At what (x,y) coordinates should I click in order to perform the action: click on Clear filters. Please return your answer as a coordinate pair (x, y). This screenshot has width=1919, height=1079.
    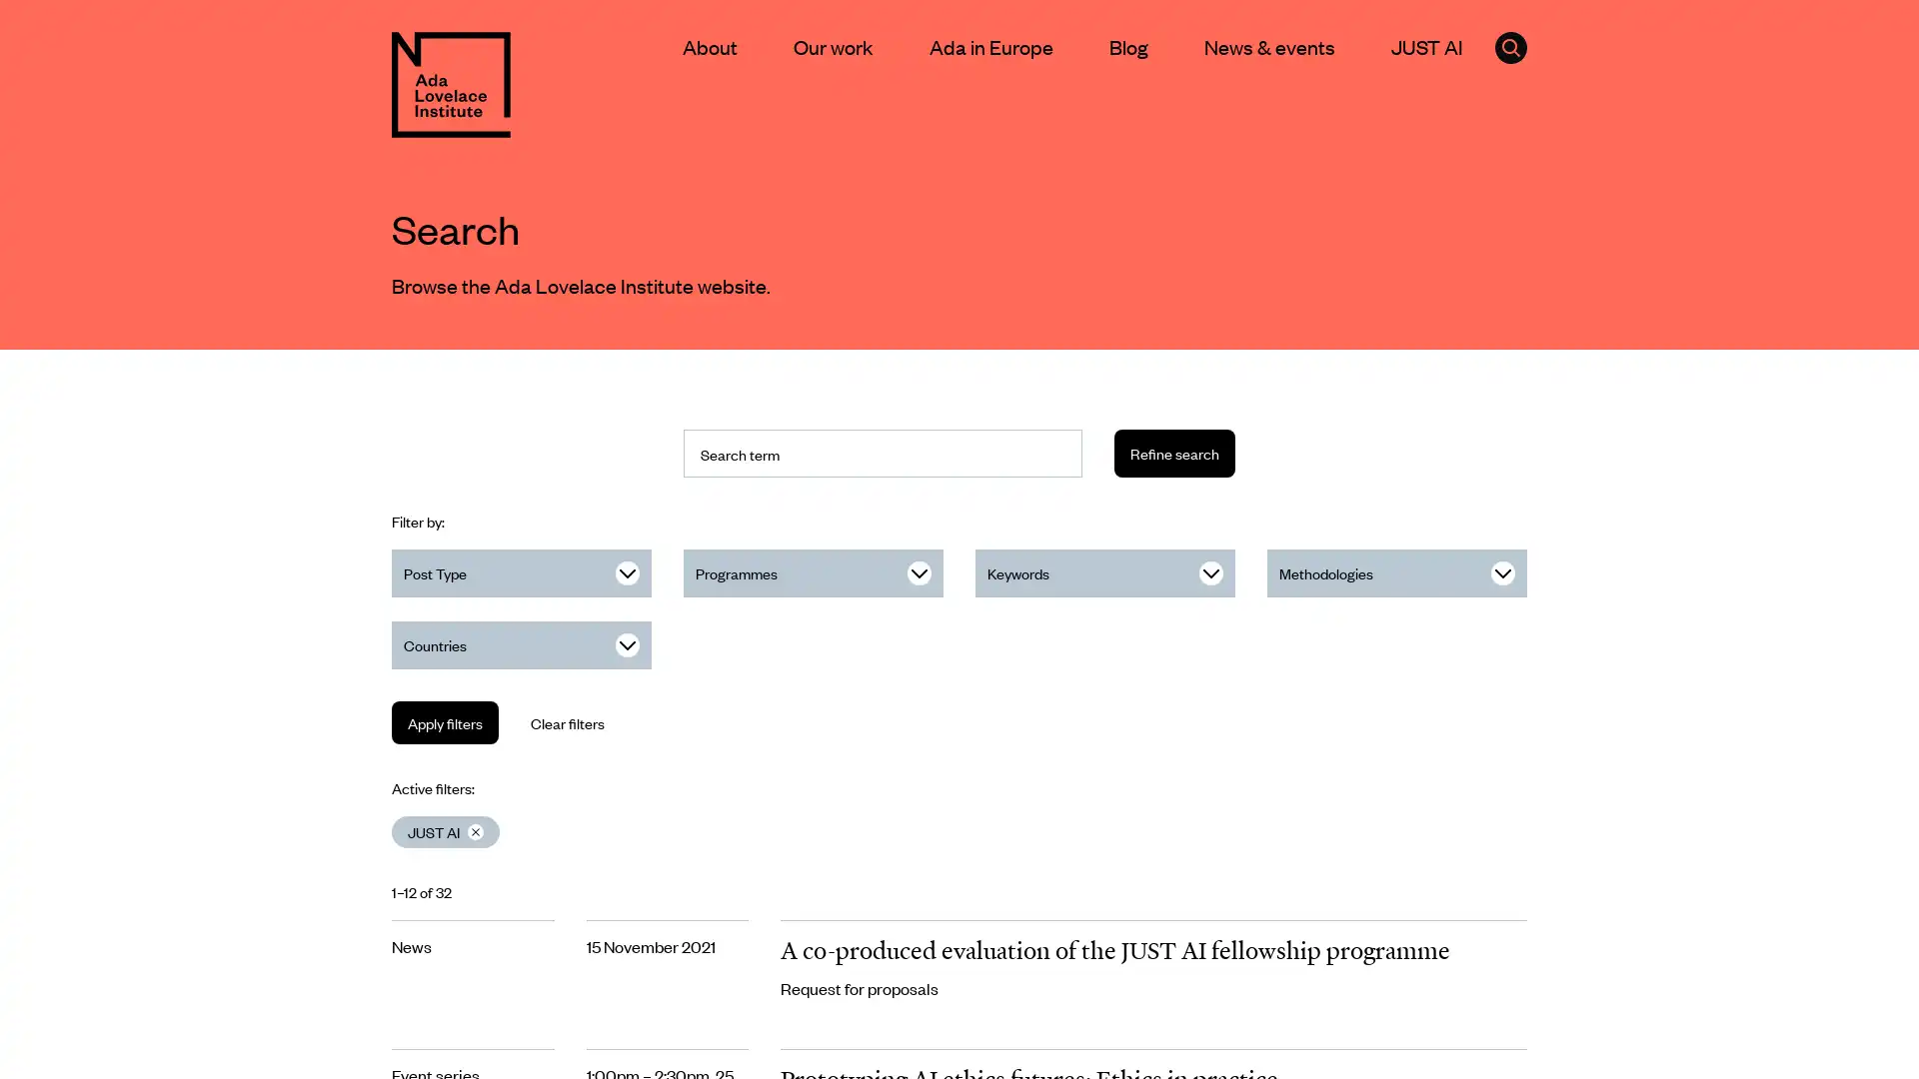
    Looking at the image, I should click on (566, 722).